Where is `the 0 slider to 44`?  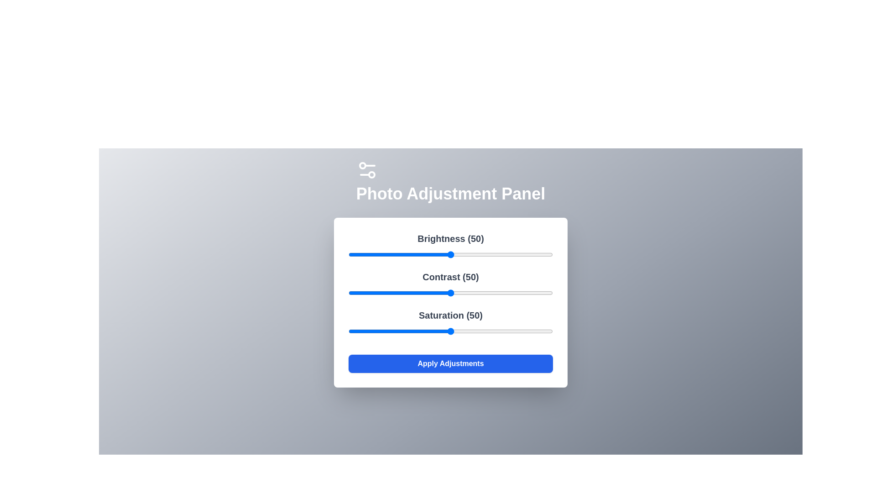
the 0 slider to 44 is located at coordinates (438, 255).